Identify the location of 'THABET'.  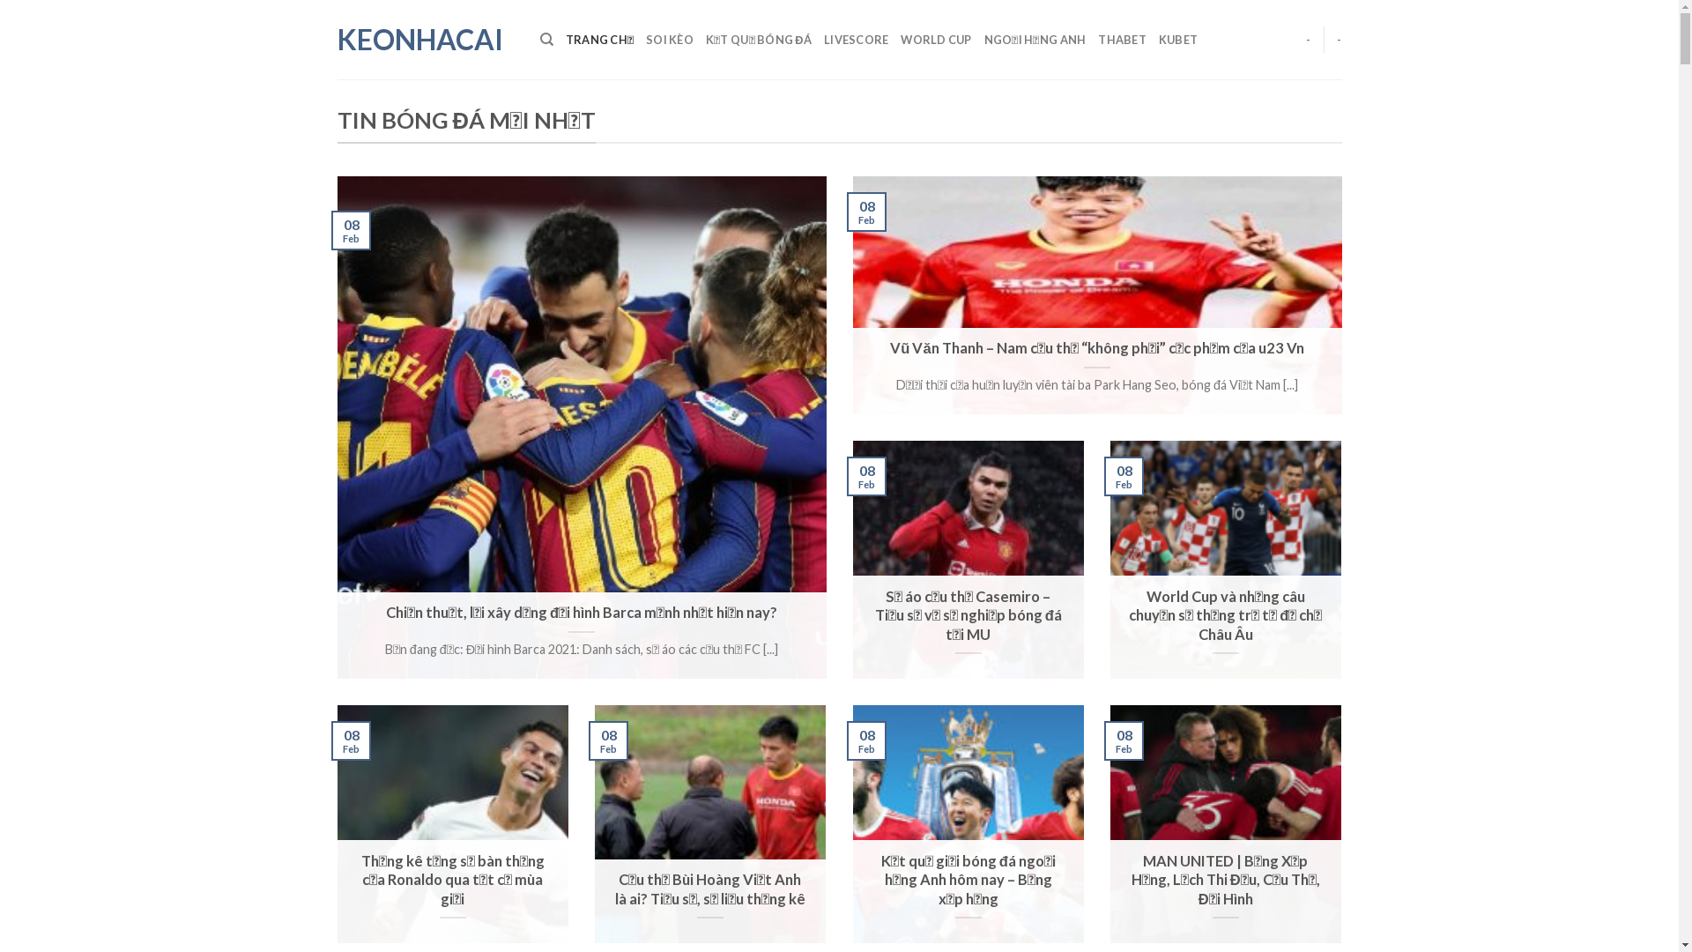
(1097, 40).